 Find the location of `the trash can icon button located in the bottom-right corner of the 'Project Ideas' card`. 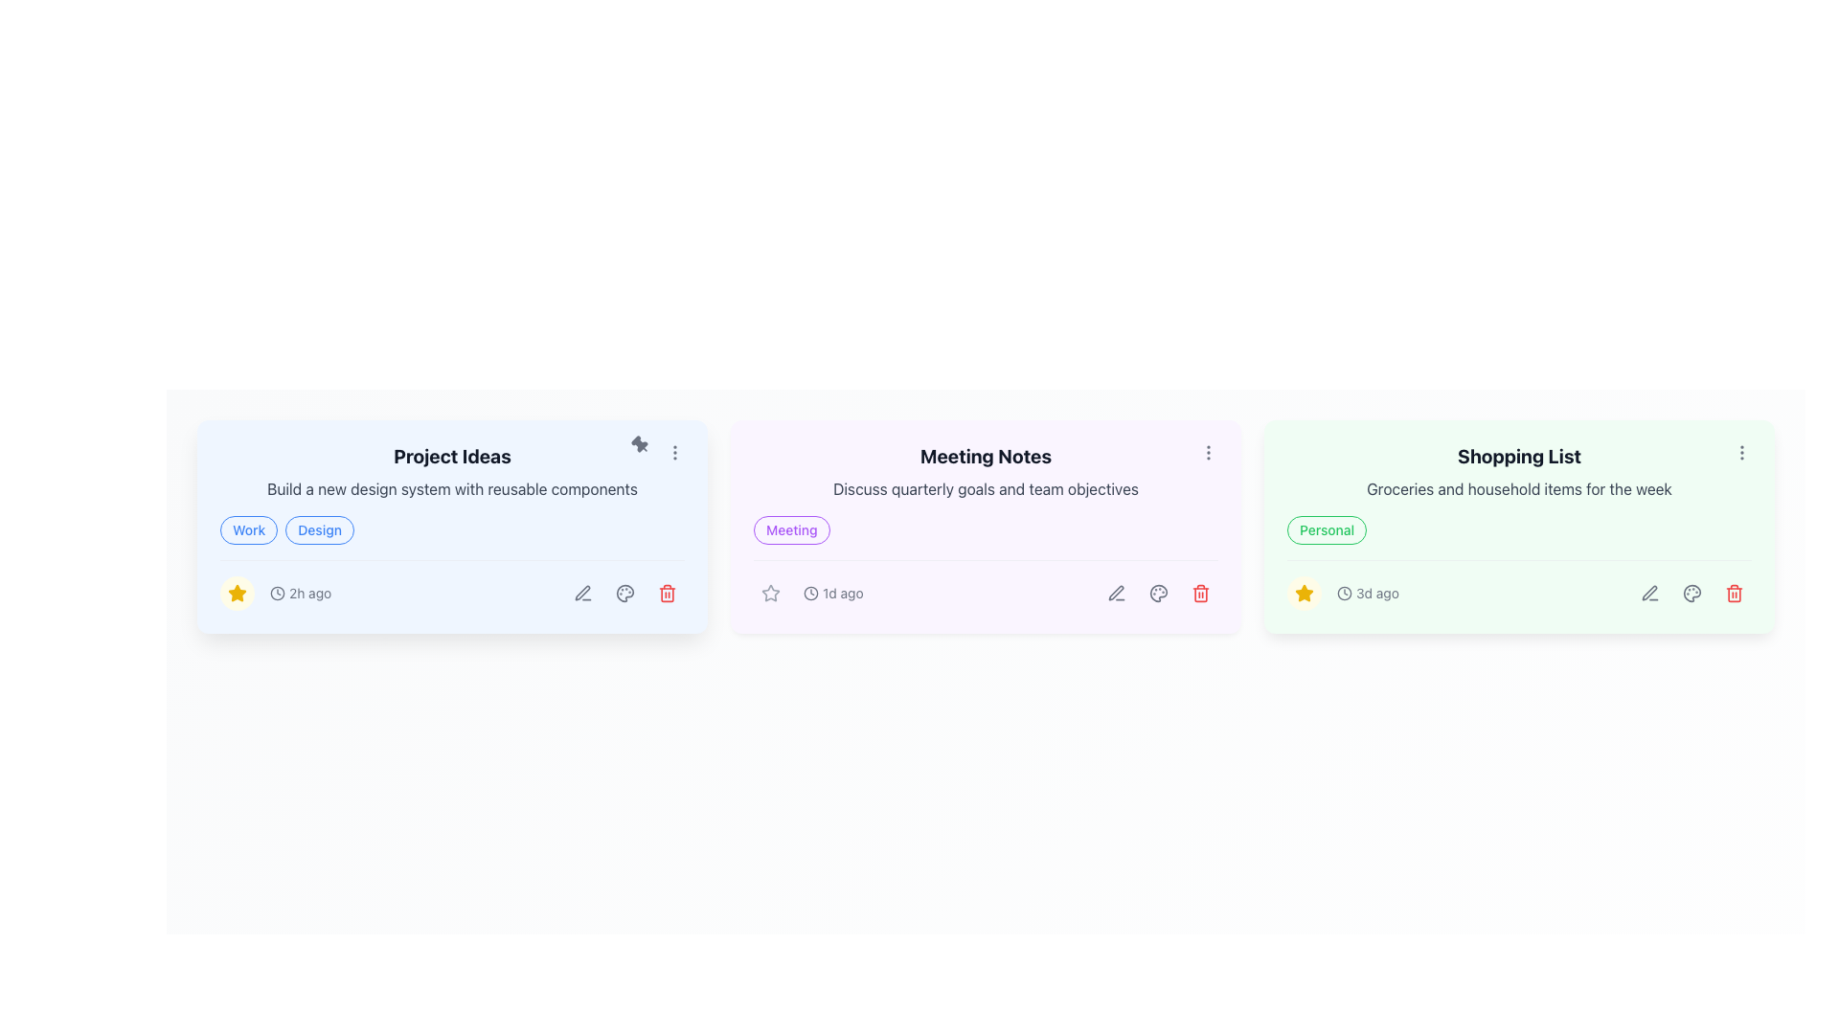

the trash can icon button located in the bottom-right corner of the 'Project Ideas' card is located at coordinates (667, 593).